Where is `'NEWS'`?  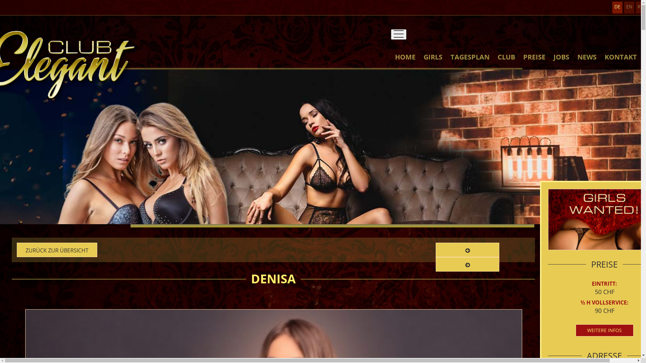 'NEWS' is located at coordinates (586, 63).